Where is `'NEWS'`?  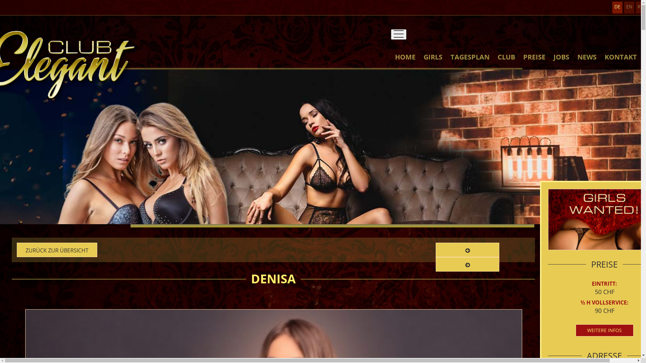 'NEWS' is located at coordinates (586, 63).